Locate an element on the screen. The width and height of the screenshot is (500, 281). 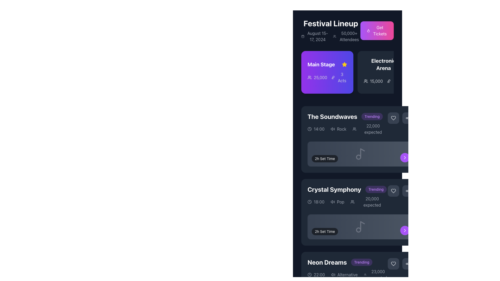
the static text label displaying the estimated number of attendees for the event in 'The Soundwaves' card header is located at coordinates (373, 129).